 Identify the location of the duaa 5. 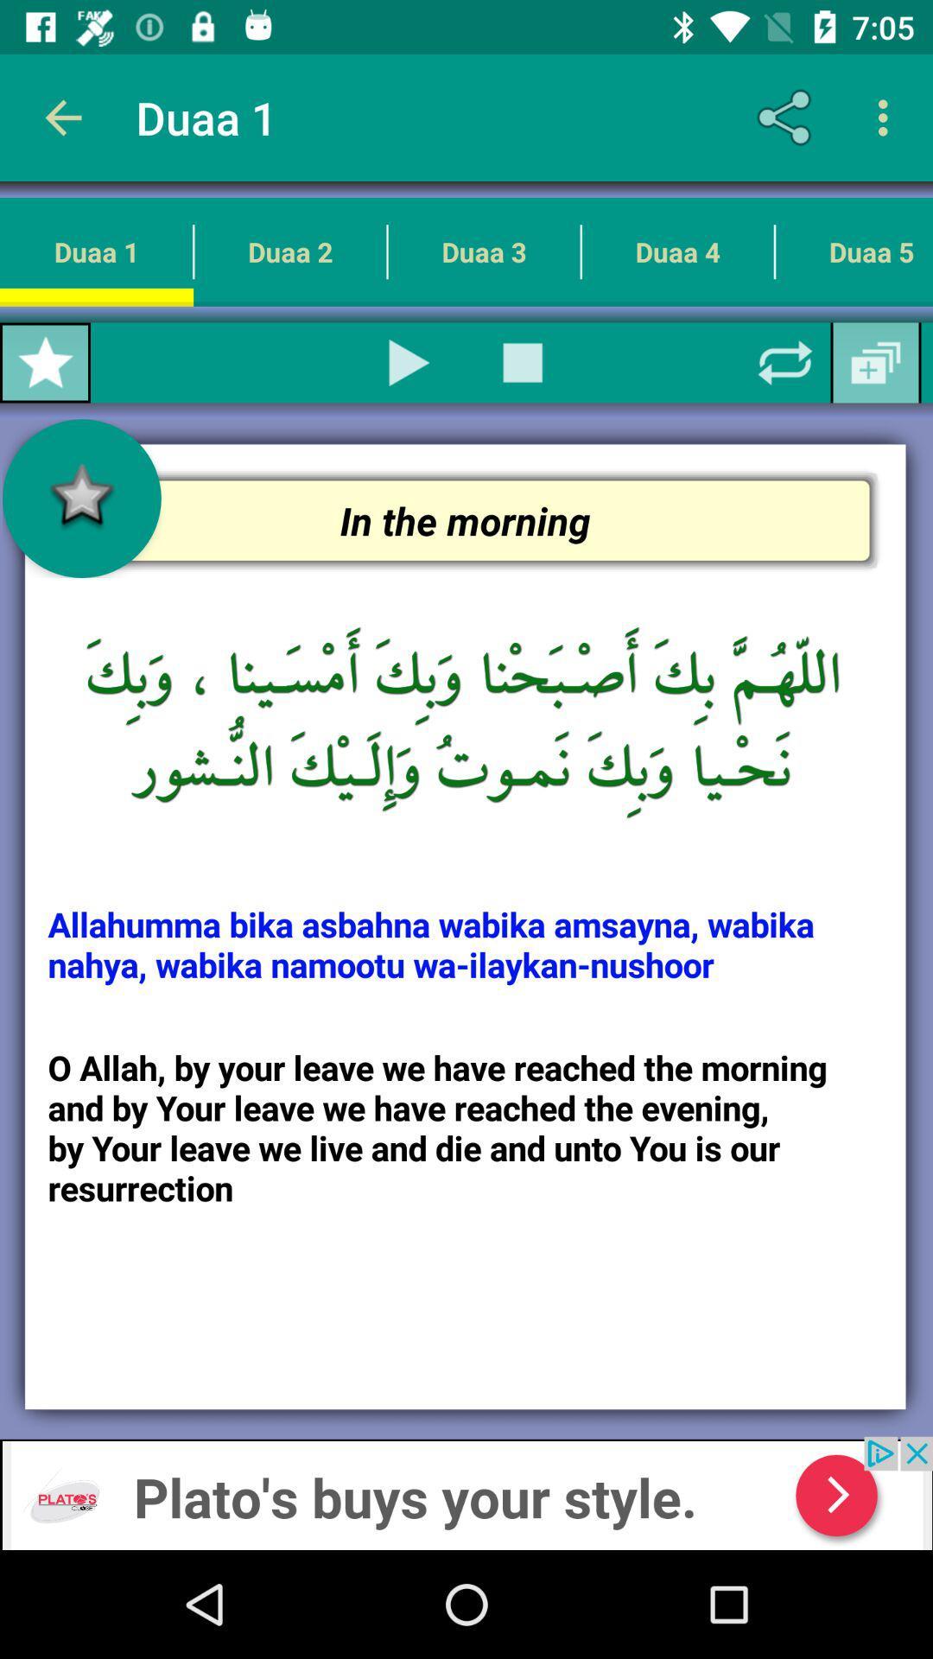
(853, 251).